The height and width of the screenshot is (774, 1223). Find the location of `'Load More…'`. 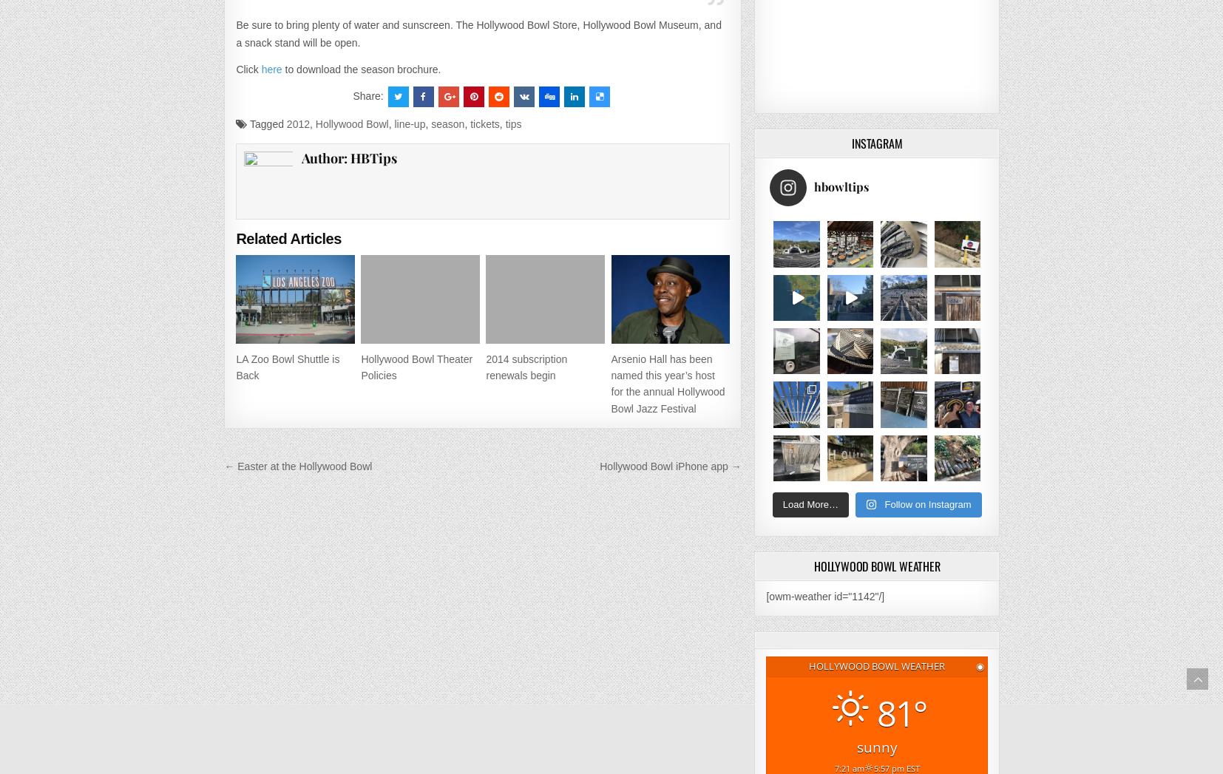

'Load More…' is located at coordinates (809, 503).